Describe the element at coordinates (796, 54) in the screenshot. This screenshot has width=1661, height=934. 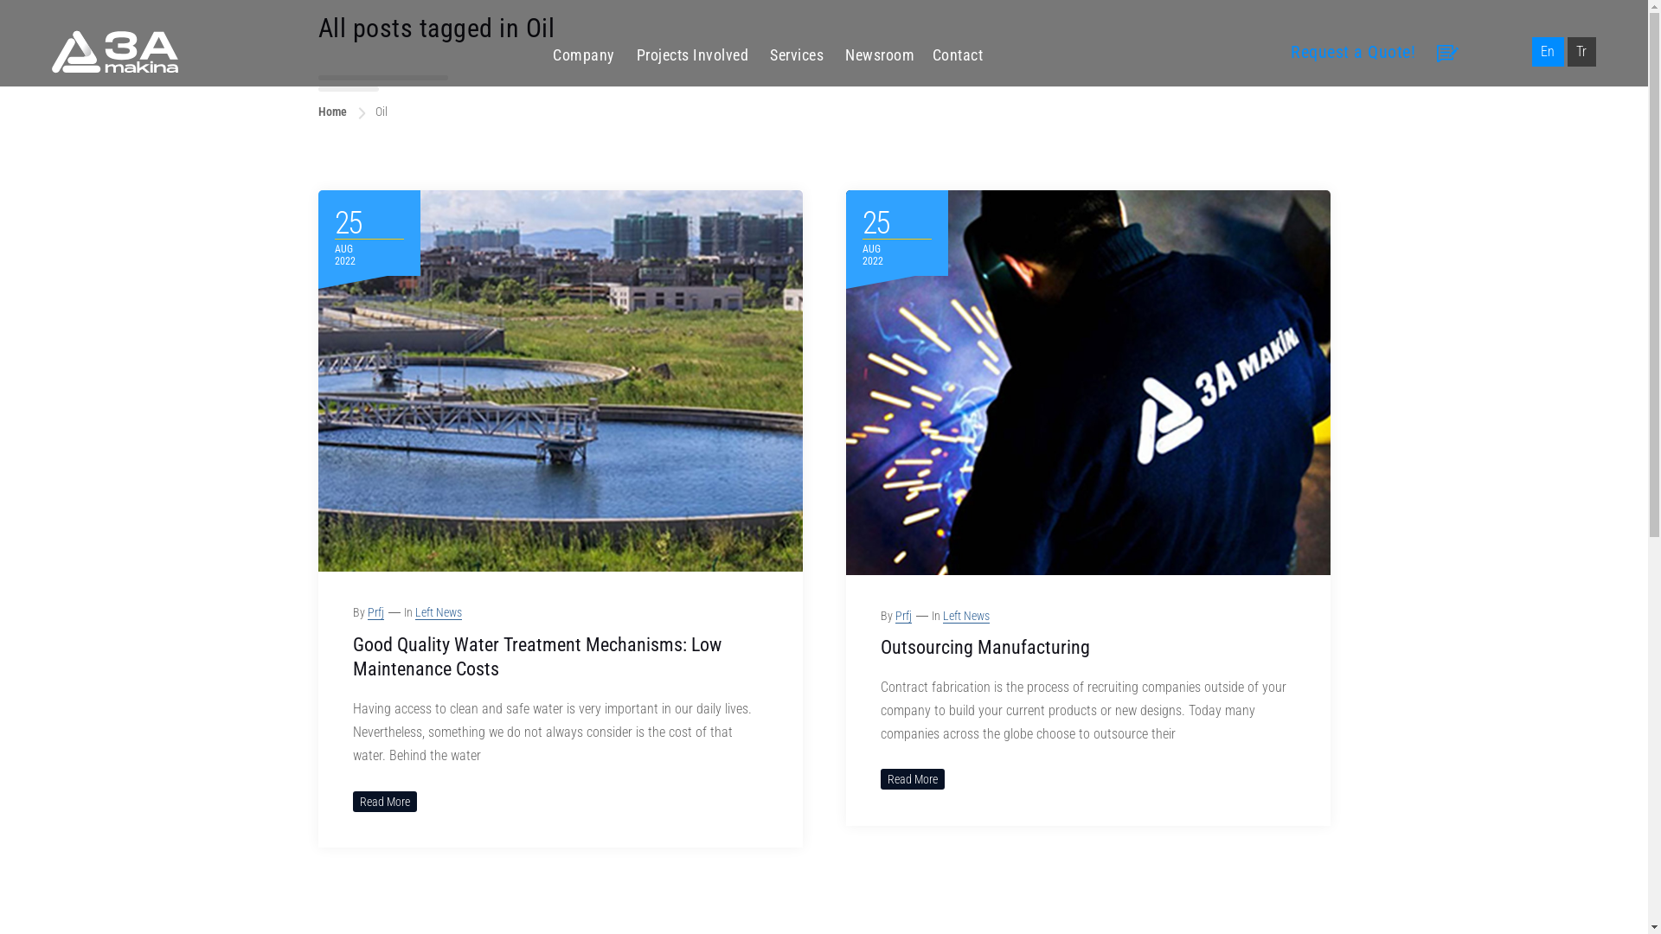
I see `'Services'` at that location.